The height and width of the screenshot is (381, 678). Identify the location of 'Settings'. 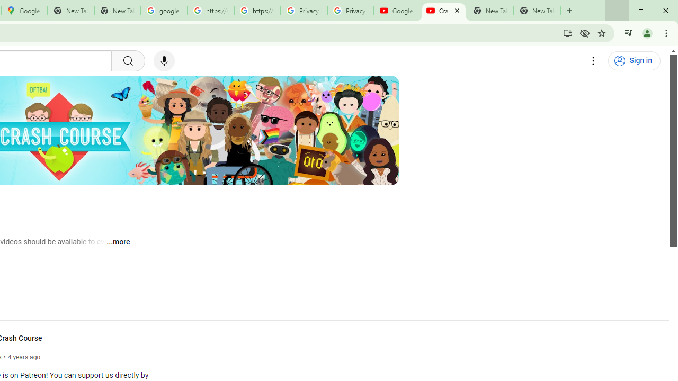
(593, 61).